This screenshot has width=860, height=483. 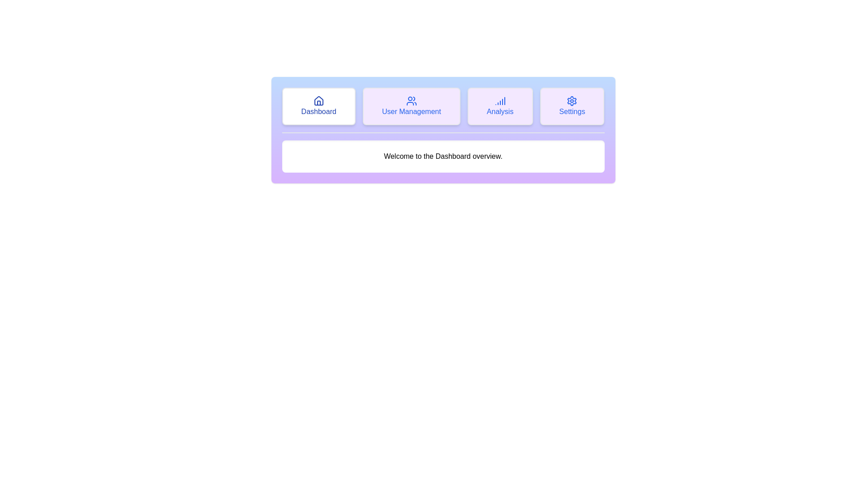 I want to click on the 'Analysis' button in the horizontal navigation menu, which has a light purple background, rounded corners, and features a blue signal bar chart icon above the text 'Analysis', so click(x=499, y=106).